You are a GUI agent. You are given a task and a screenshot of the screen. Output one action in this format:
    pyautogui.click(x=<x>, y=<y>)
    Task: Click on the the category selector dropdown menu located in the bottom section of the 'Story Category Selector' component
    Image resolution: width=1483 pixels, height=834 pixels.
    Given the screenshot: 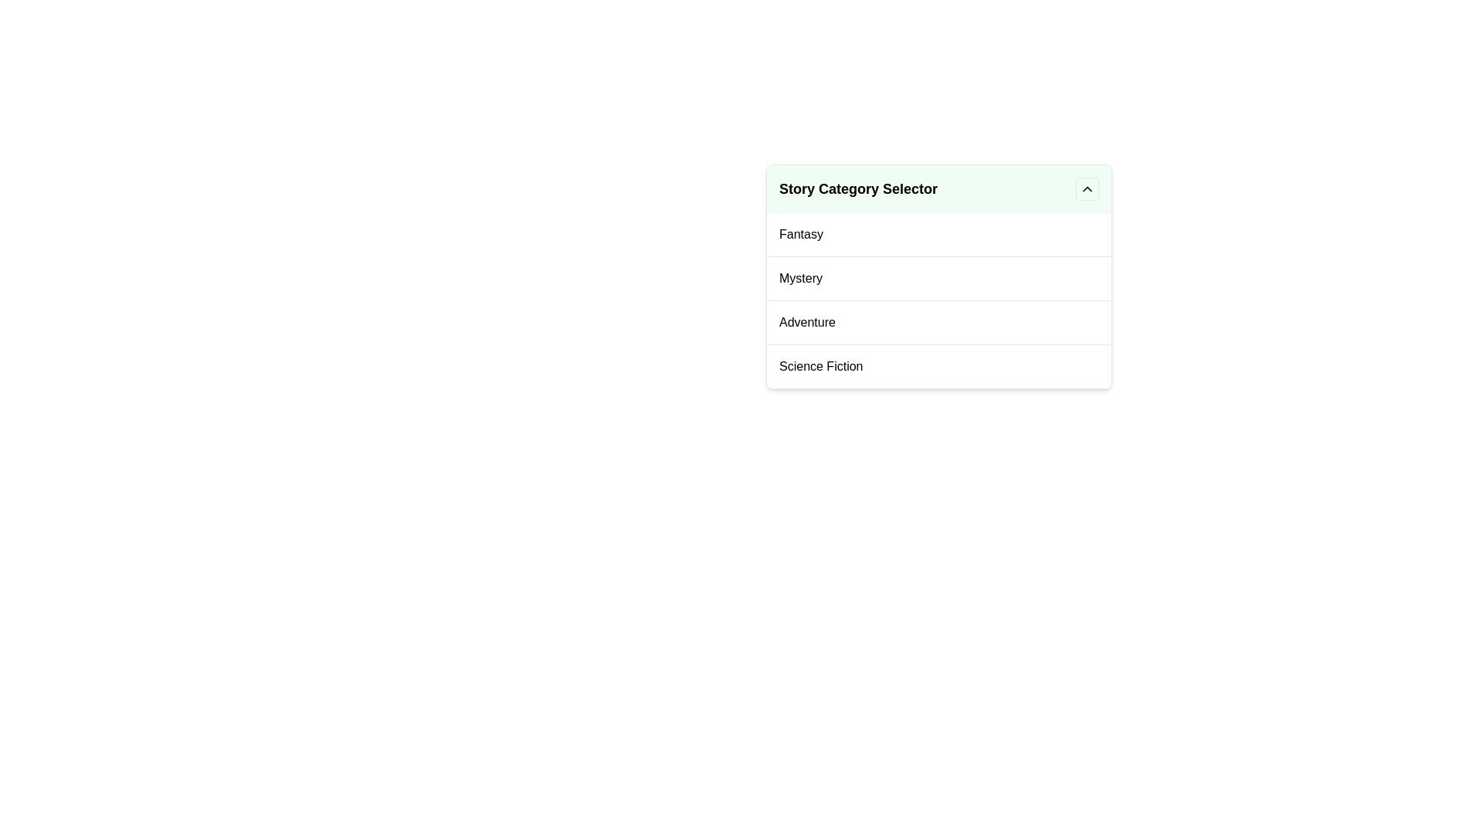 What is the action you would take?
    pyautogui.click(x=938, y=300)
    